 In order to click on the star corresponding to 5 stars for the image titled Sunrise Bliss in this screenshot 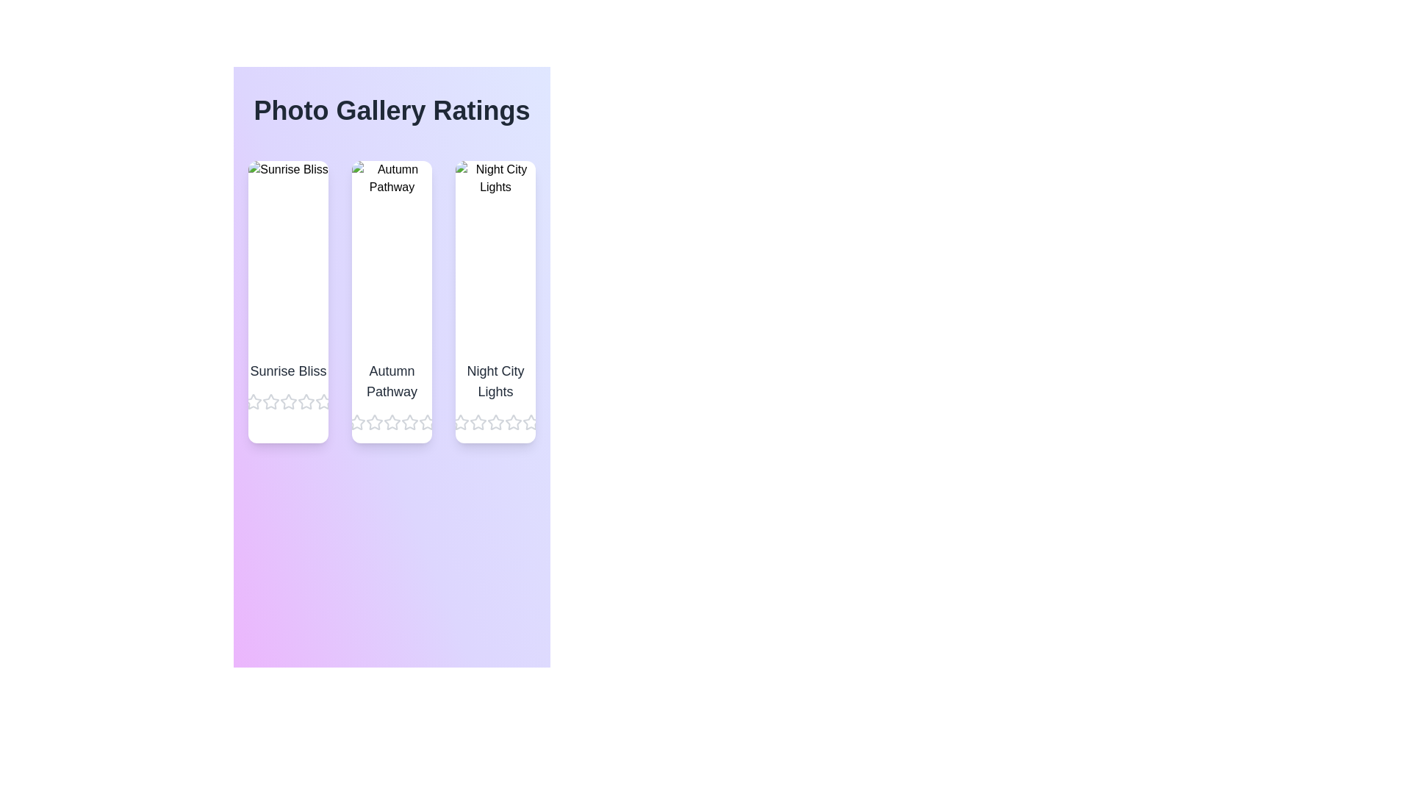, I will do `click(323, 402)`.